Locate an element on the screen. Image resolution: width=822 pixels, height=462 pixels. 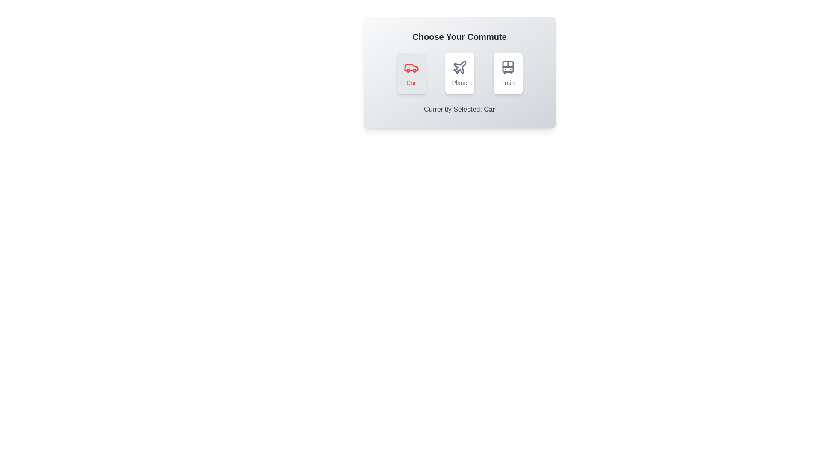
the button corresponding to the transportation mode Car is located at coordinates (411, 73).